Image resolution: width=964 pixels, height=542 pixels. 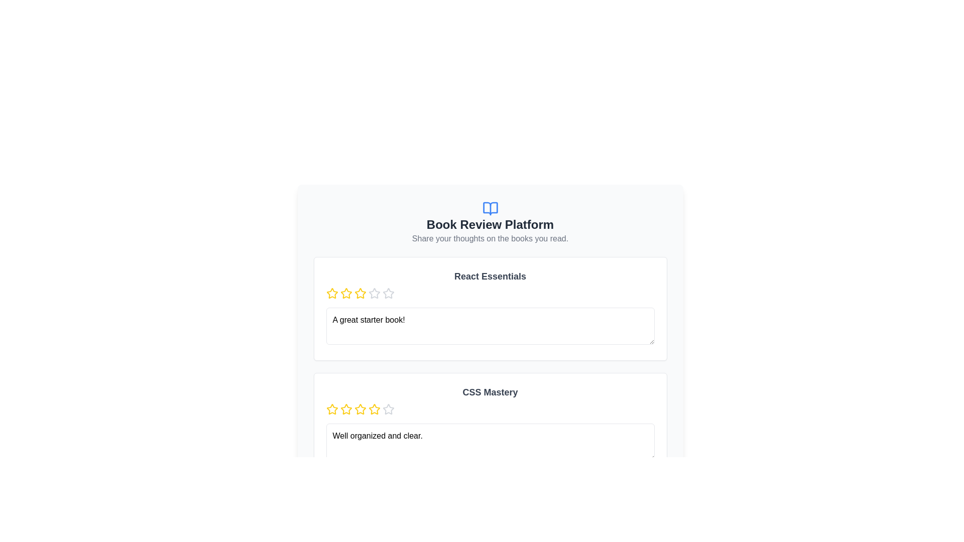 I want to click on the third yellow star-shaped rating icon below the 'CSS Mastery' heading, so click(x=374, y=409).